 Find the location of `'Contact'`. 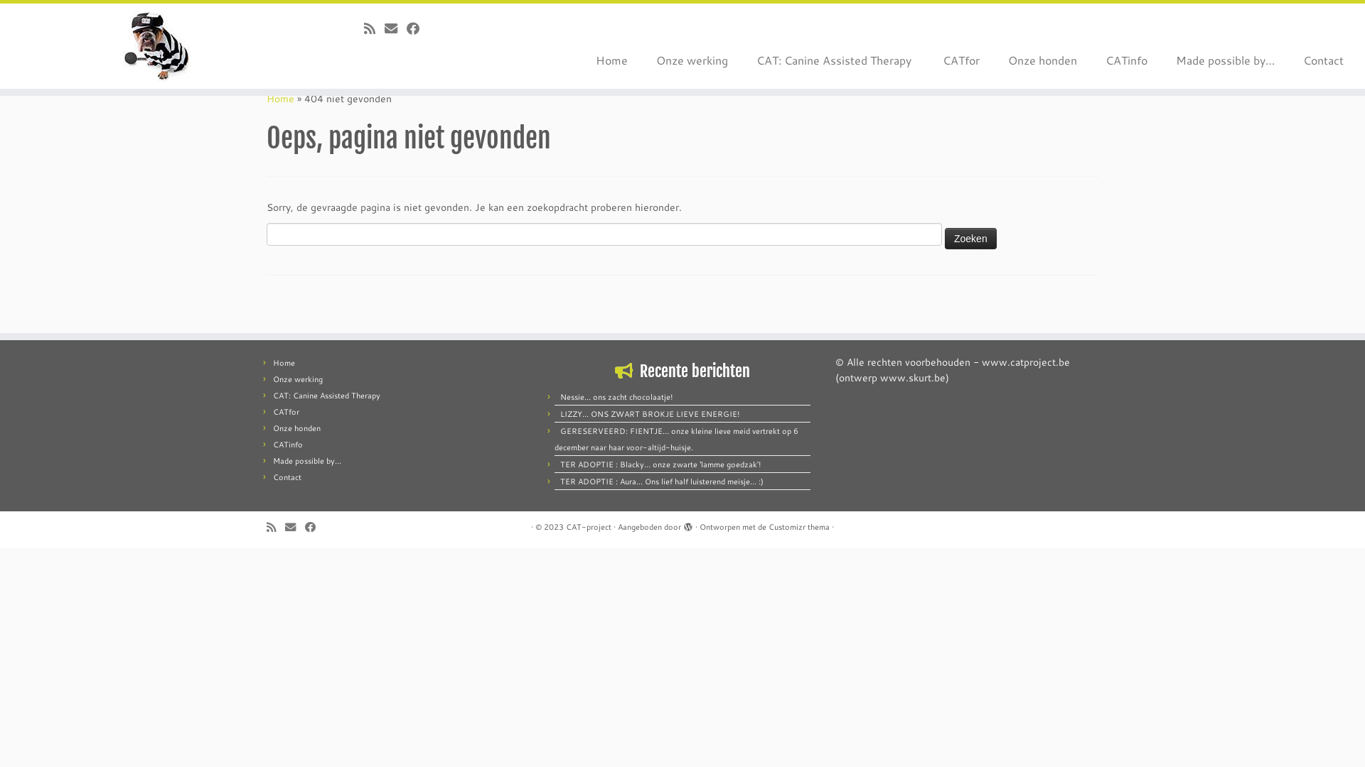

'Contact' is located at coordinates (273, 477).